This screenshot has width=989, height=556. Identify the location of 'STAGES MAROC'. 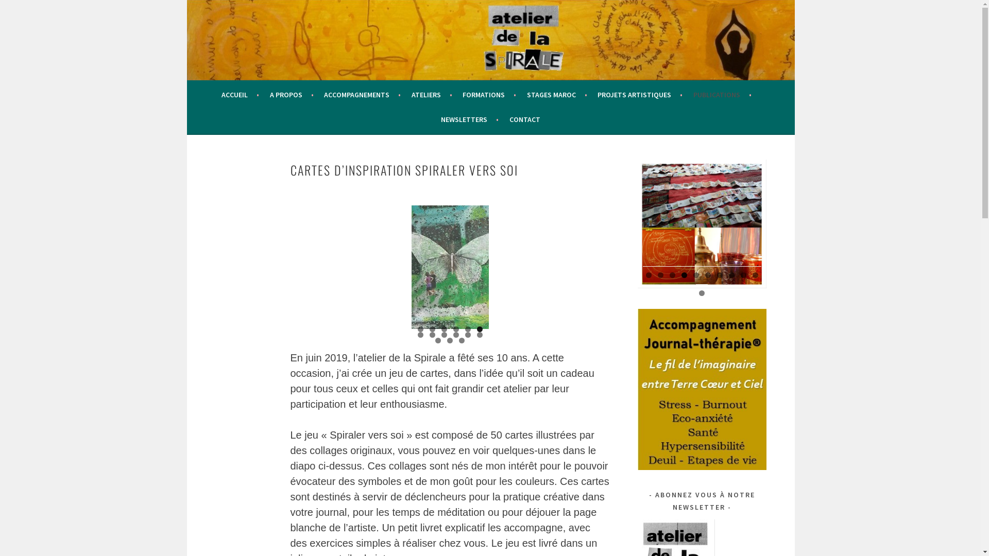
(556, 95).